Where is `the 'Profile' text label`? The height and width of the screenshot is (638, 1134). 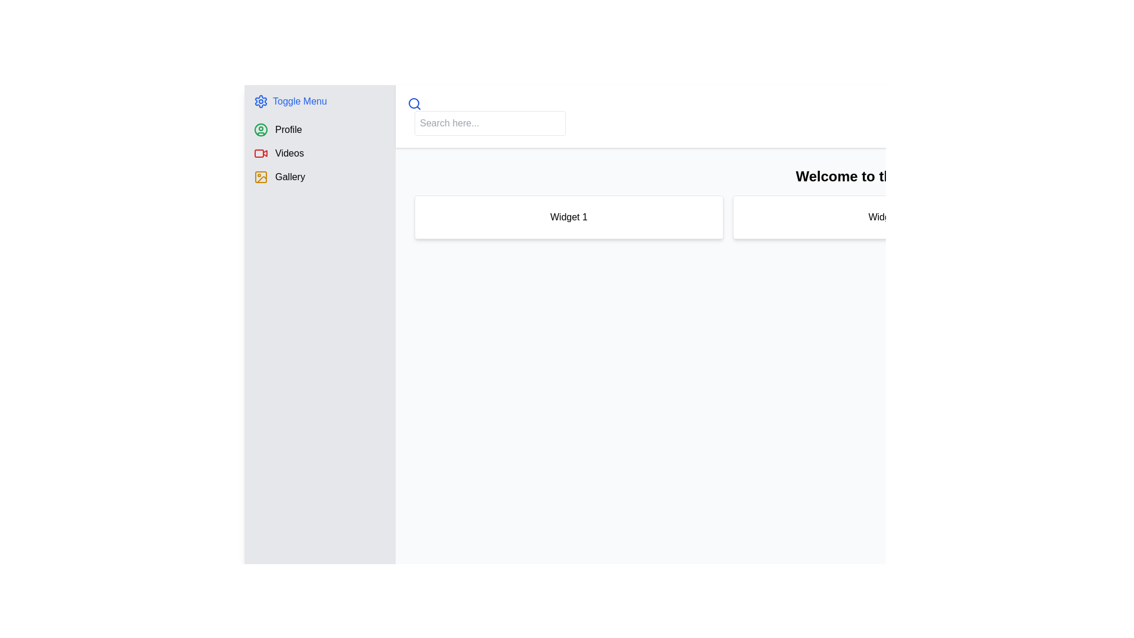
the 'Profile' text label is located at coordinates (288, 129).